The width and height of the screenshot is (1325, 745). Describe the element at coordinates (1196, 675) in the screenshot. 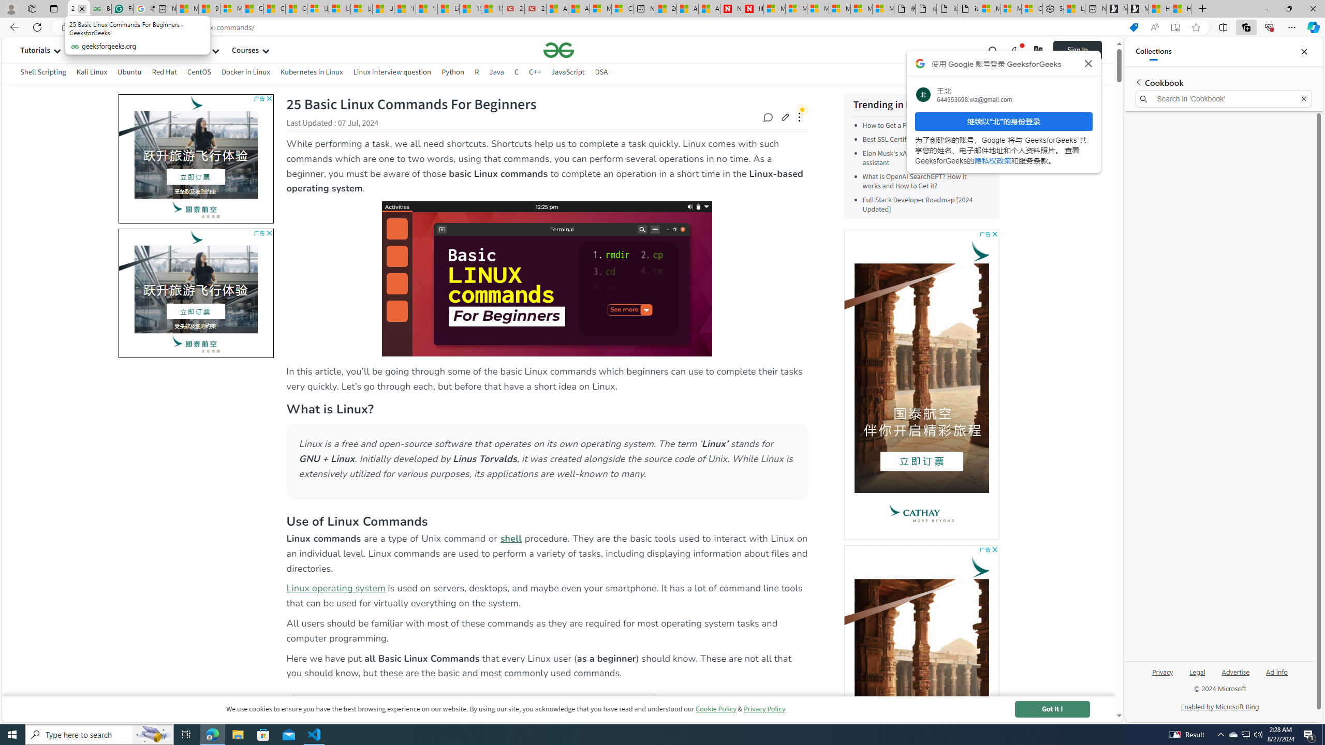

I see `'Legal'` at that location.